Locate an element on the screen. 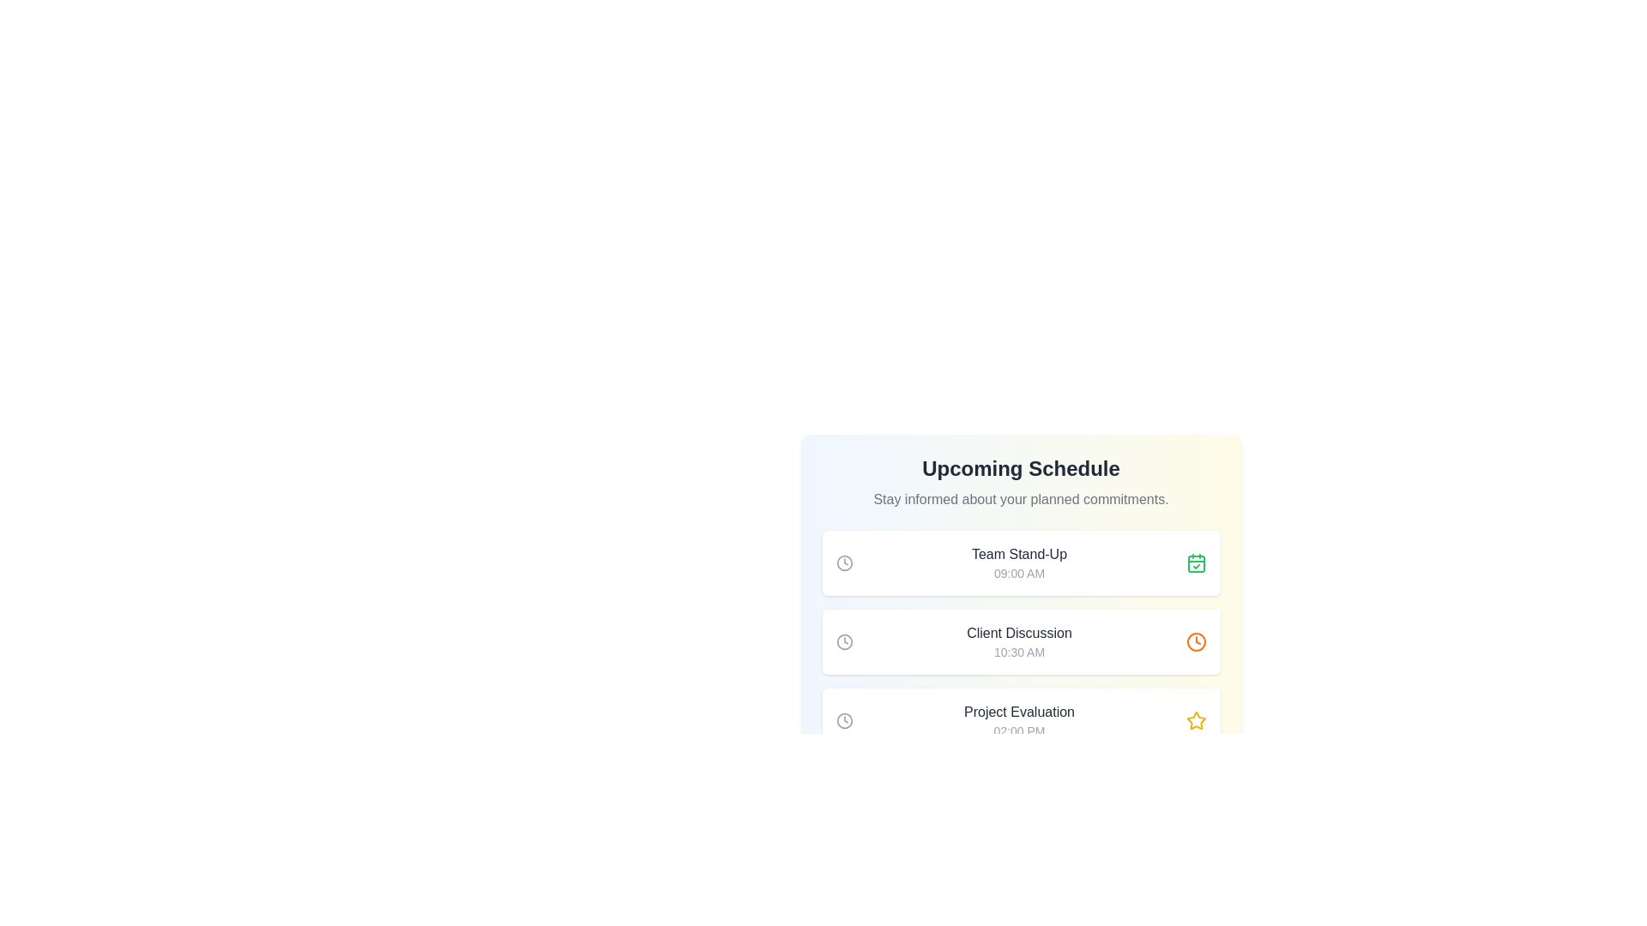  the icon that visually indicates the theme or category associated with time, located to the extreme left of the row containing 'Project Evaluation' and '02:00 PM', within the third entry of the vertical list under 'Upcoming Schedule' is located at coordinates (844, 720).